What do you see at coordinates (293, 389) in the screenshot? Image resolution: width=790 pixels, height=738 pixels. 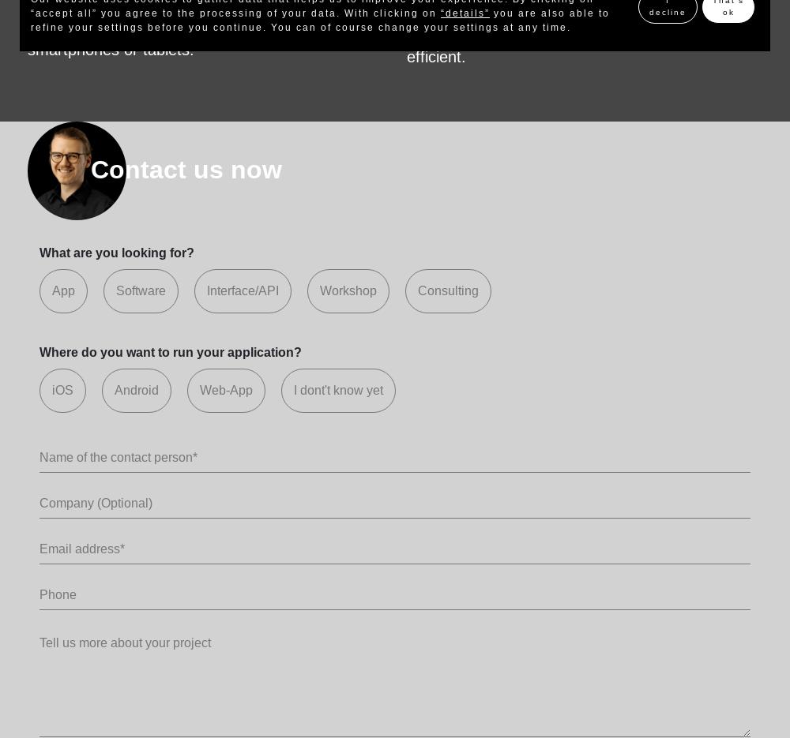 I see `'I dont't know yet'` at bounding box center [293, 389].